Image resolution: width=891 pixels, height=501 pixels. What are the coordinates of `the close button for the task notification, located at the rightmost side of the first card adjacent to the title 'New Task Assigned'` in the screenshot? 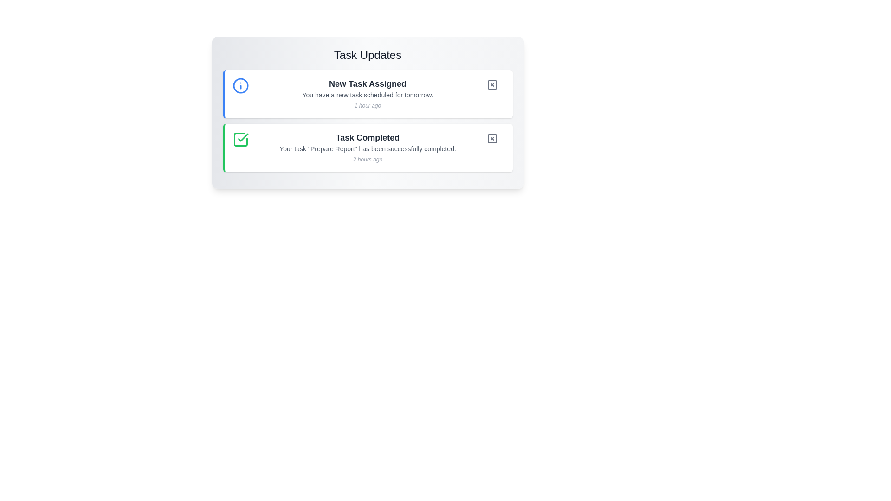 It's located at (491, 84).